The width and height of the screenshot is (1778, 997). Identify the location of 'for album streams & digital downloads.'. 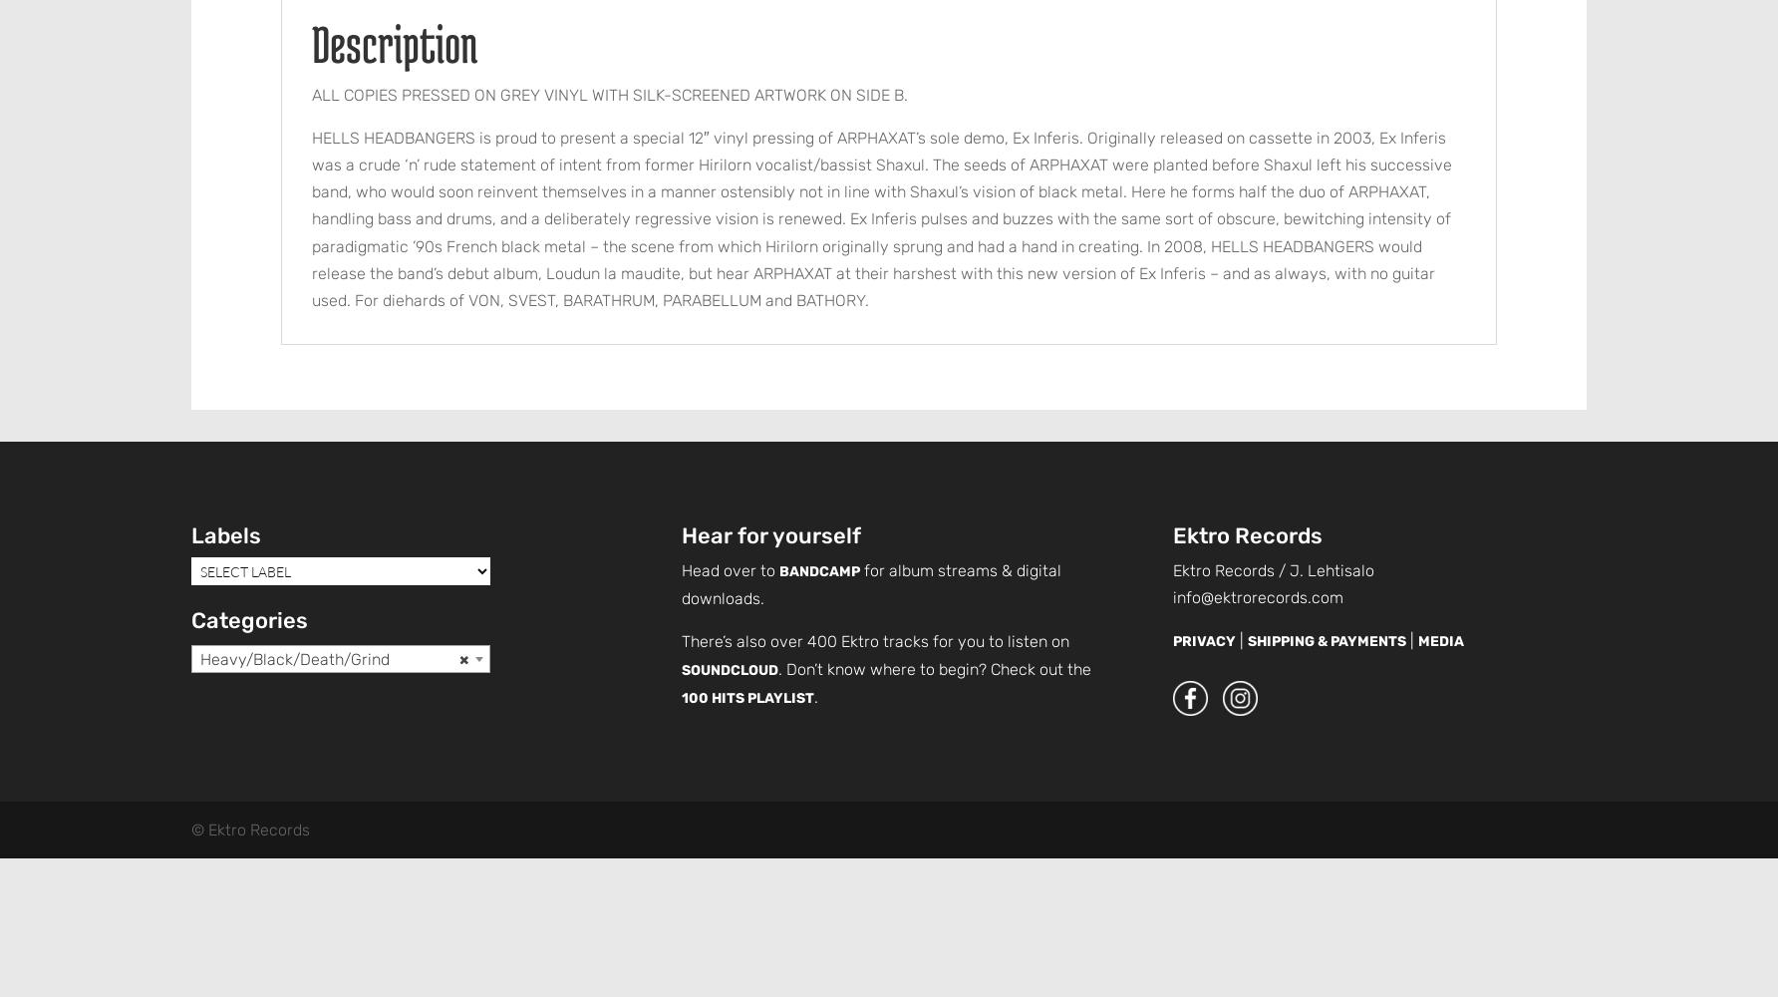
(870, 583).